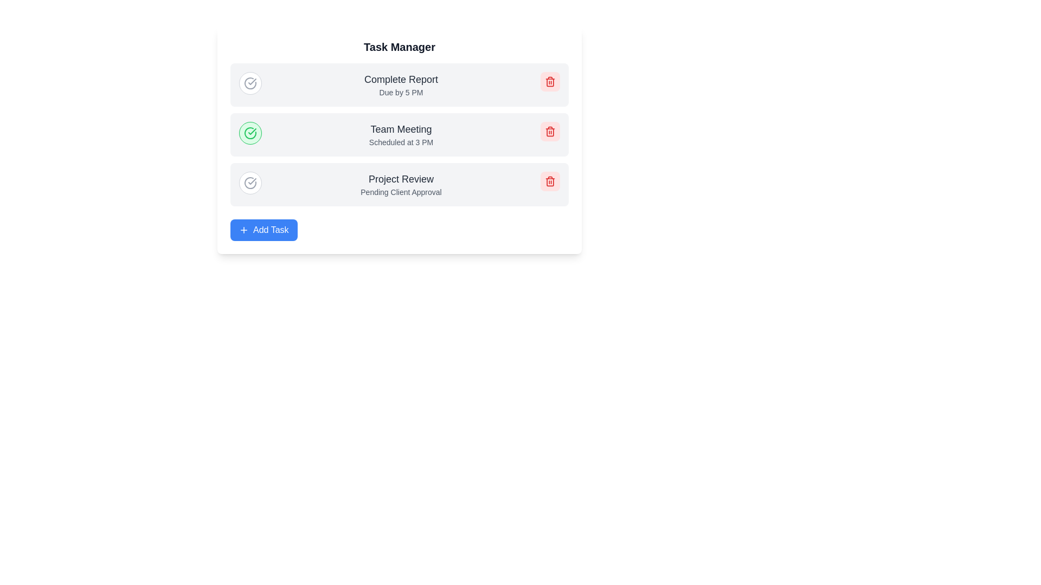  Describe the element at coordinates (400, 191) in the screenshot. I see `the status indicator text label that provides context for the 'Project Review' task in the 'Task Manager' section` at that location.